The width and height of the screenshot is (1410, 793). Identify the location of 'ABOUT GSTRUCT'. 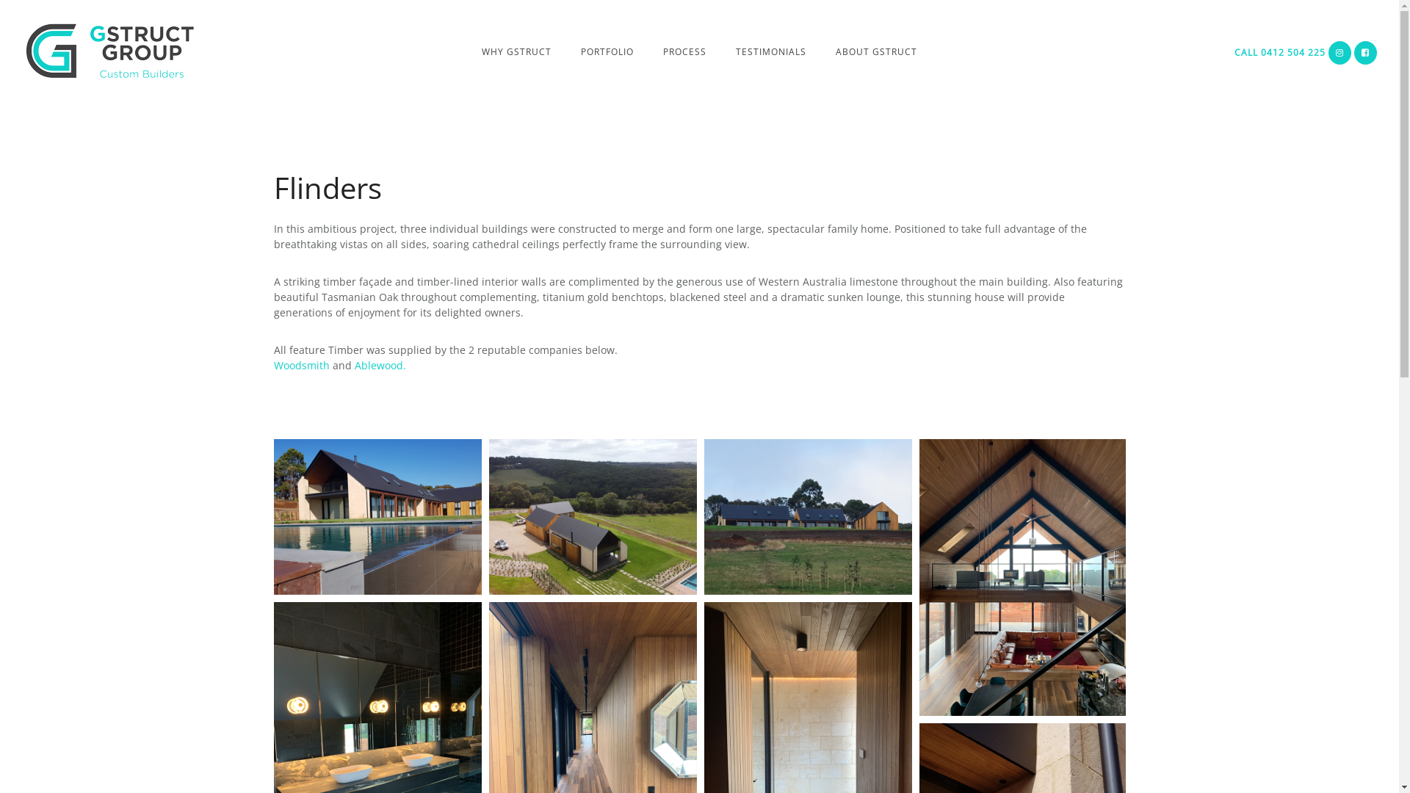
(876, 51).